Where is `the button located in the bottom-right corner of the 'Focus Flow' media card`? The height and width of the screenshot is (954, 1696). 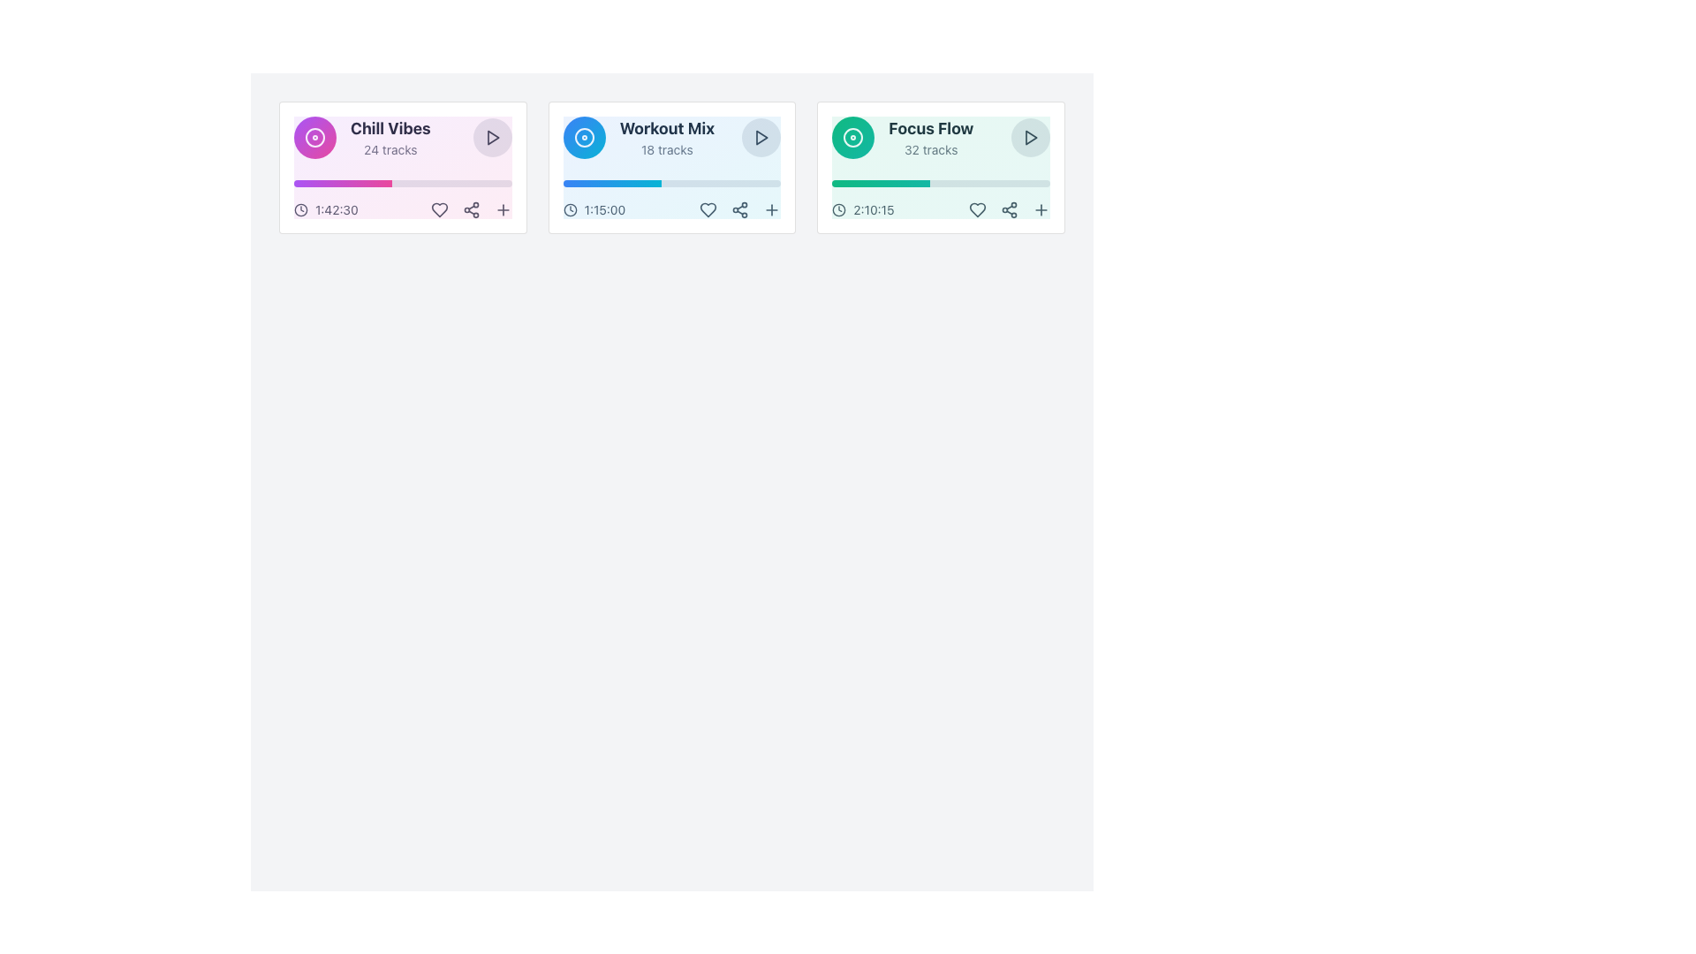
the button located in the bottom-right corner of the 'Focus Flow' media card is located at coordinates (977, 209).